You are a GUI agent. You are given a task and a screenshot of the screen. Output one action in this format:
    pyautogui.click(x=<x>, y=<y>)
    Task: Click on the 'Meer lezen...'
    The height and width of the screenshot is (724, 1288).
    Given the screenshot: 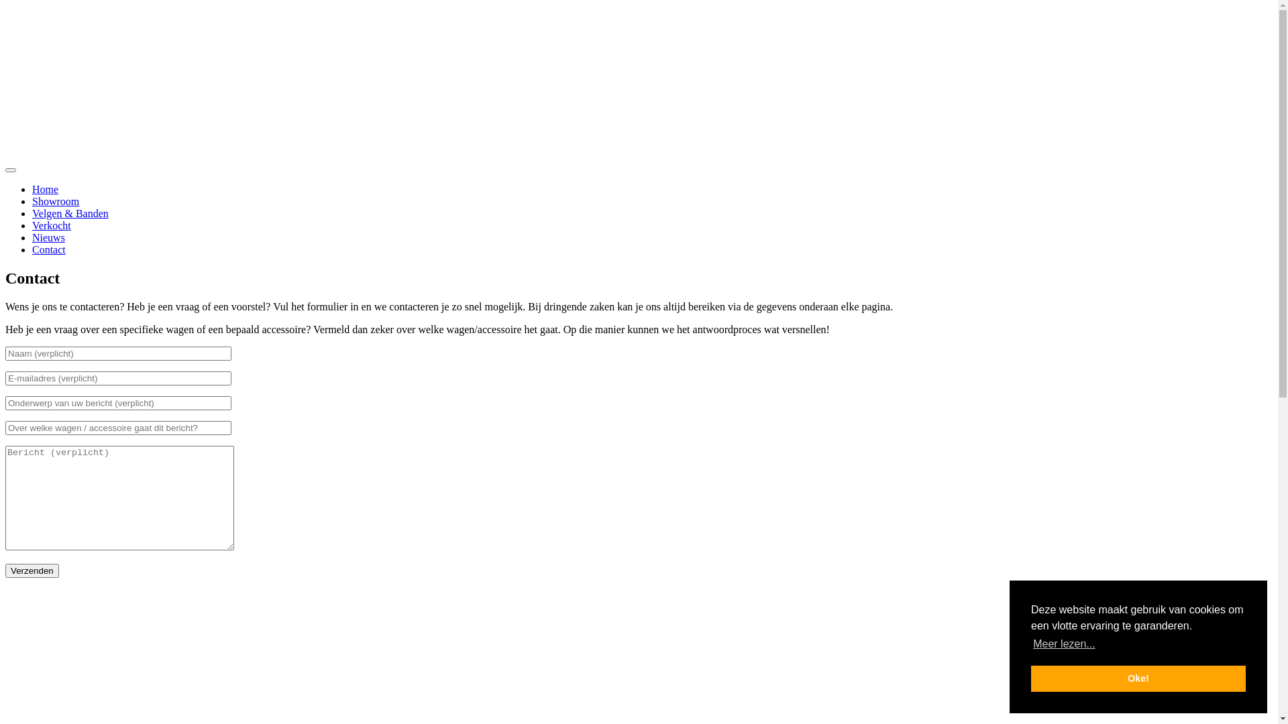 What is the action you would take?
    pyautogui.click(x=1063, y=643)
    